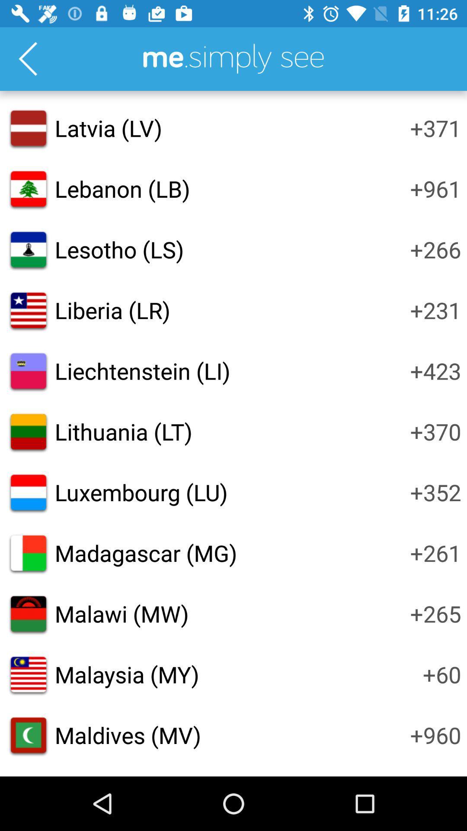  Describe the element at coordinates (435, 432) in the screenshot. I see `icon to the right of lithuania (lt) item` at that location.